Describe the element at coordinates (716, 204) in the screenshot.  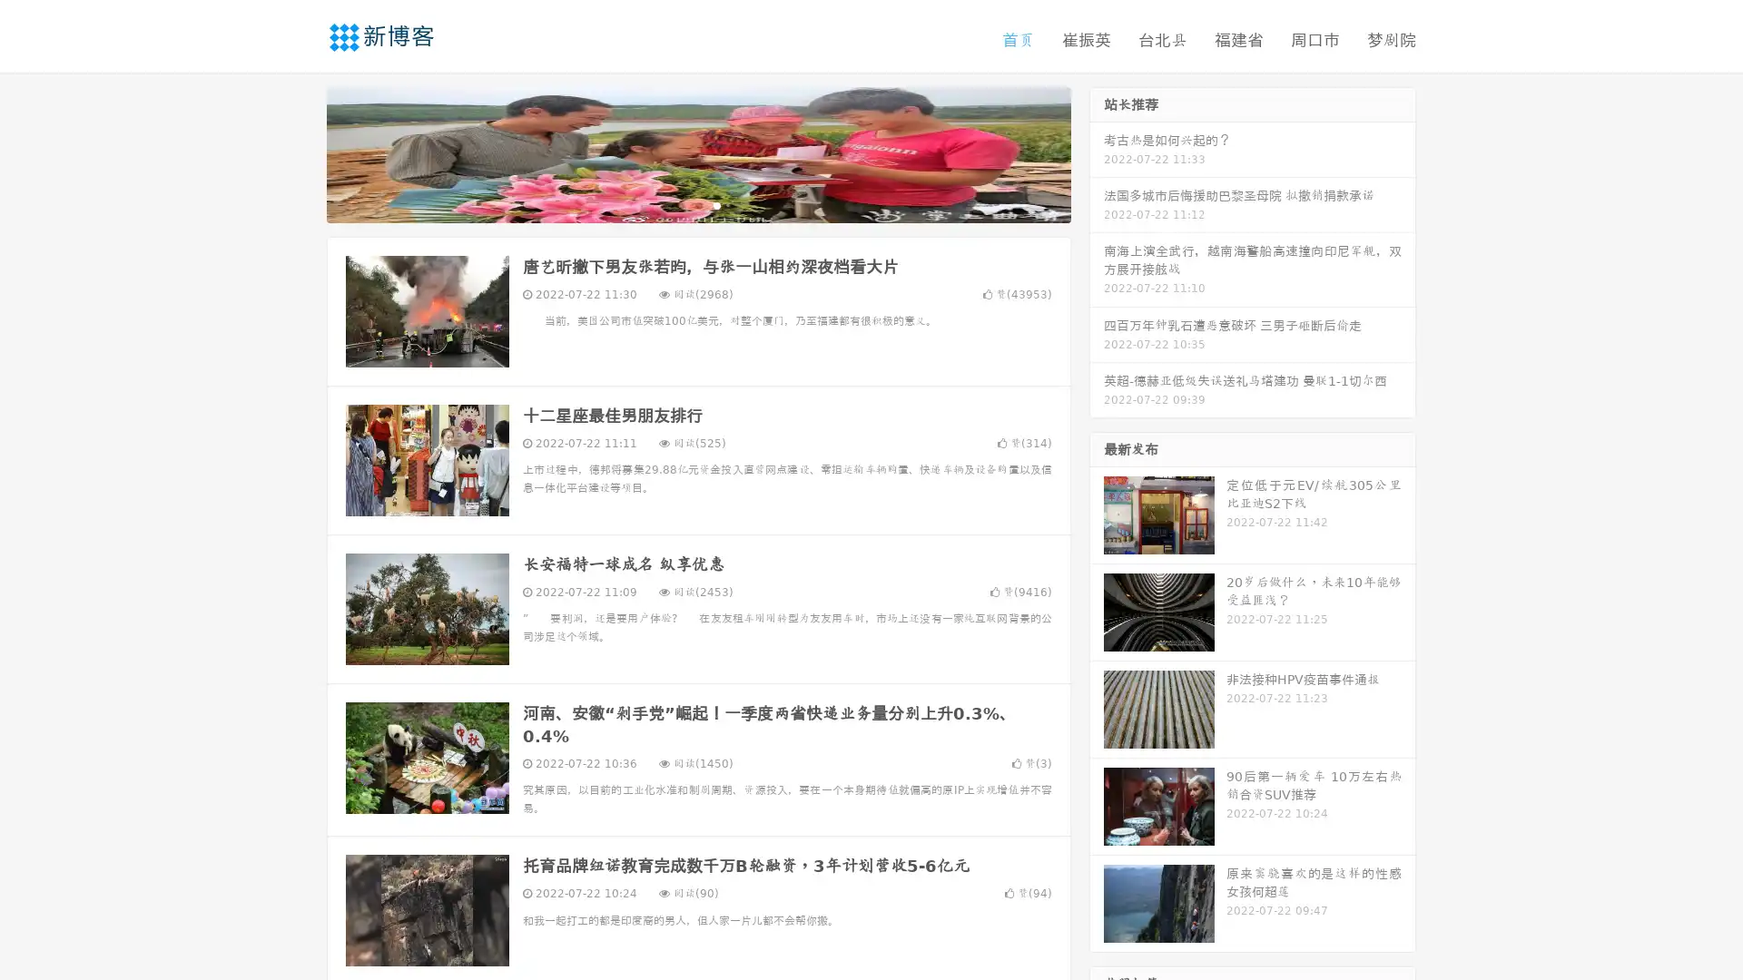
I see `Go to slide 3` at that location.